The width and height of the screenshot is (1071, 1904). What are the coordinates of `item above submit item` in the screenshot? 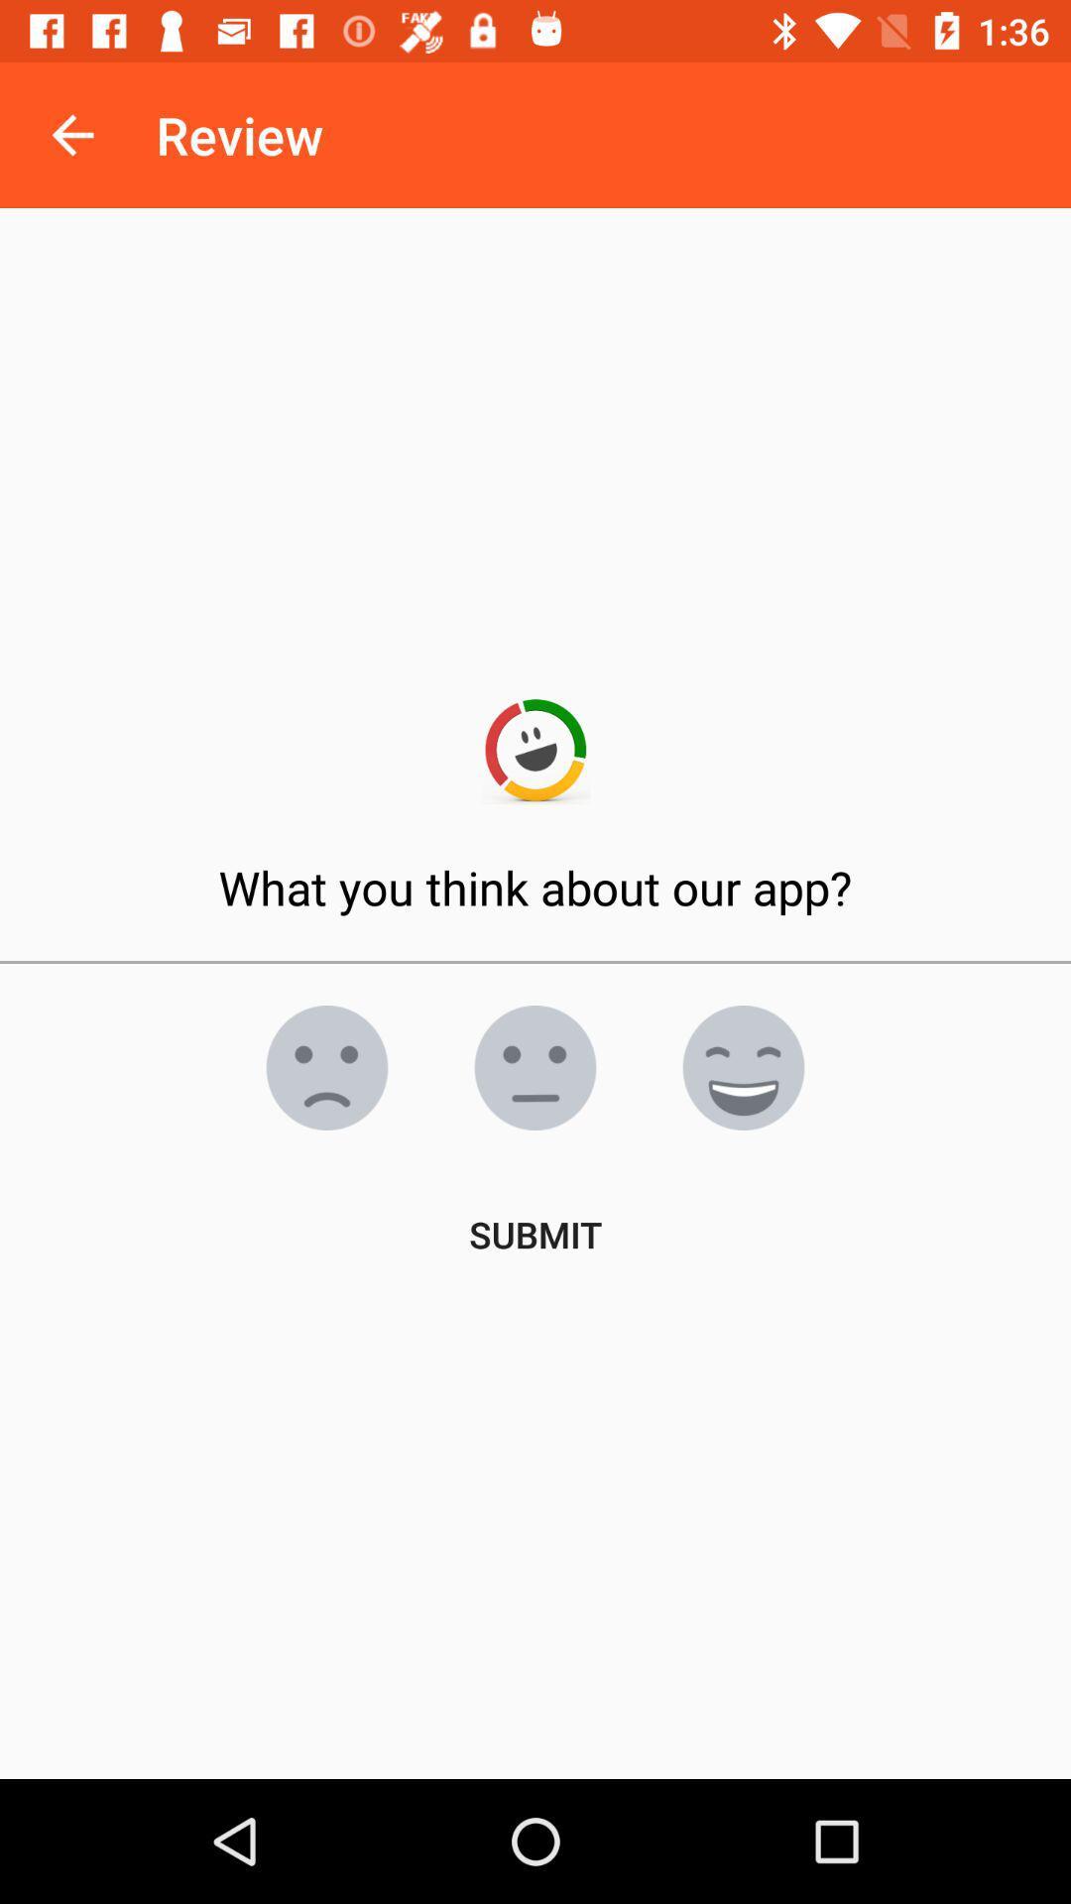 It's located at (743, 1066).